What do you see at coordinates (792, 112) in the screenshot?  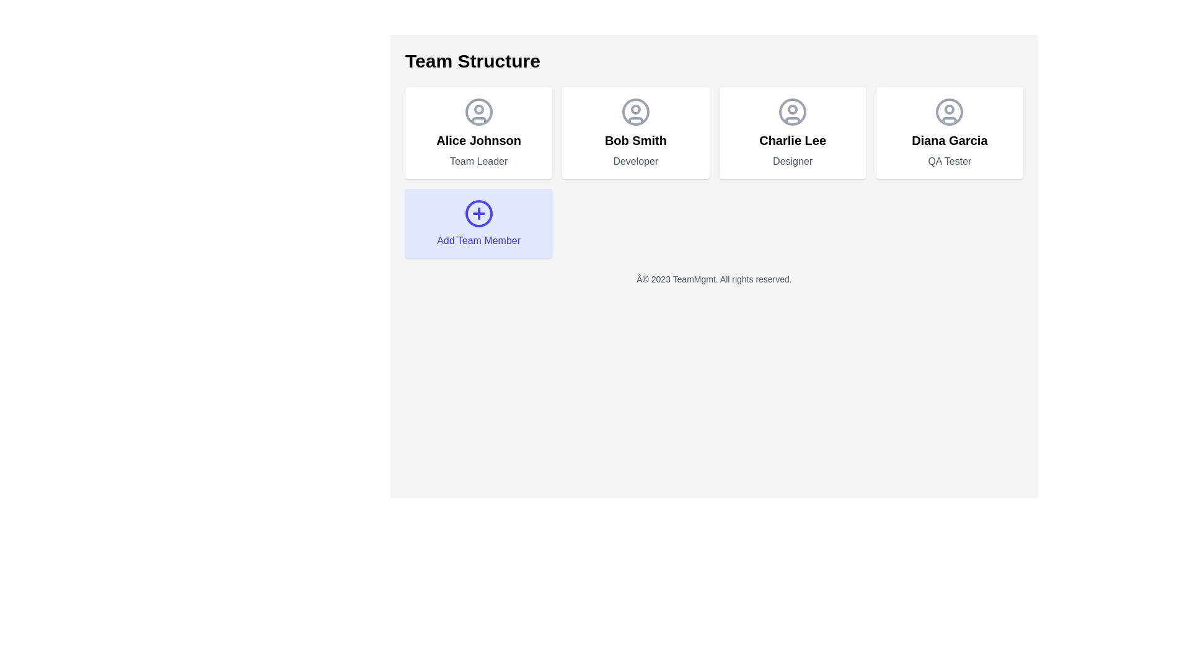 I see `the profile image icon representing 'Charlie Lee' located at the top section of the card labeled 'Charlie Lee' and 'Designer'` at bounding box center [792, 112].